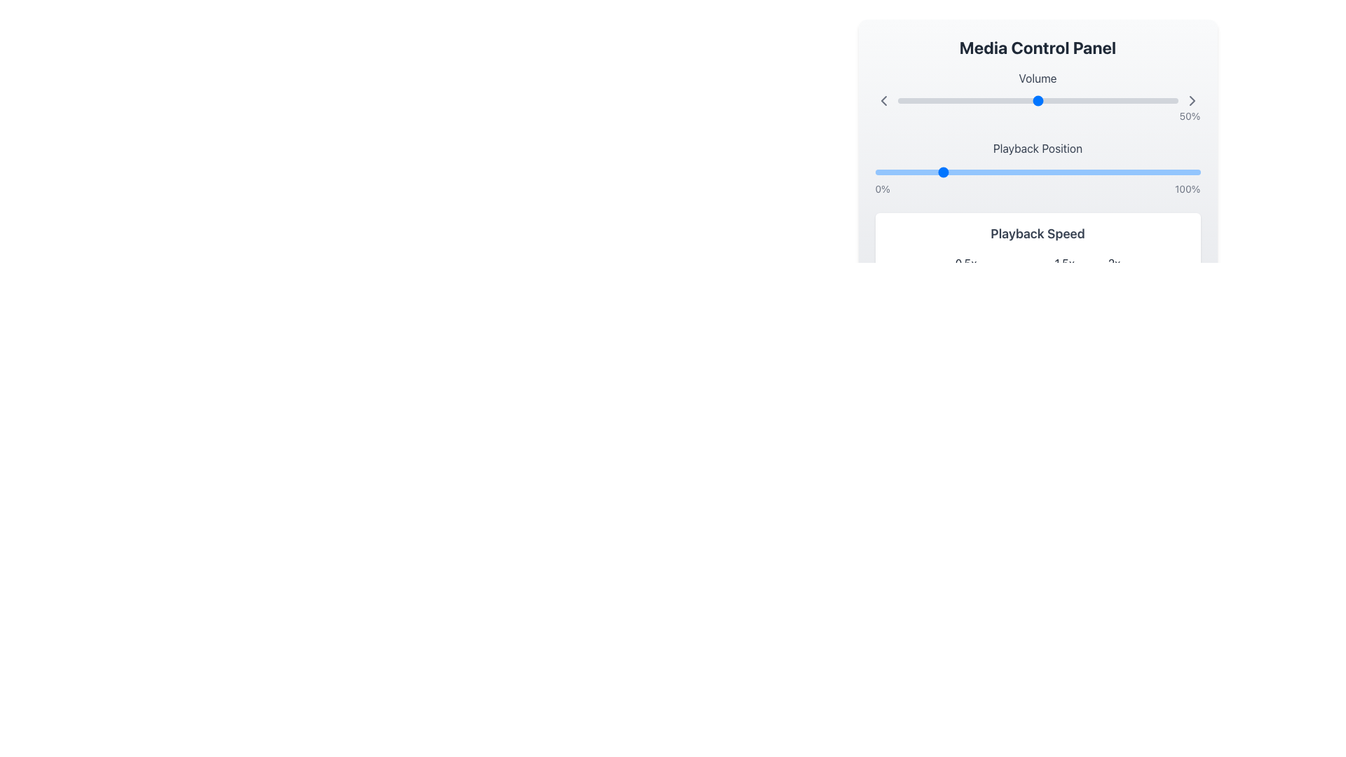  I want to click on the playback position, so click(1060, 172).